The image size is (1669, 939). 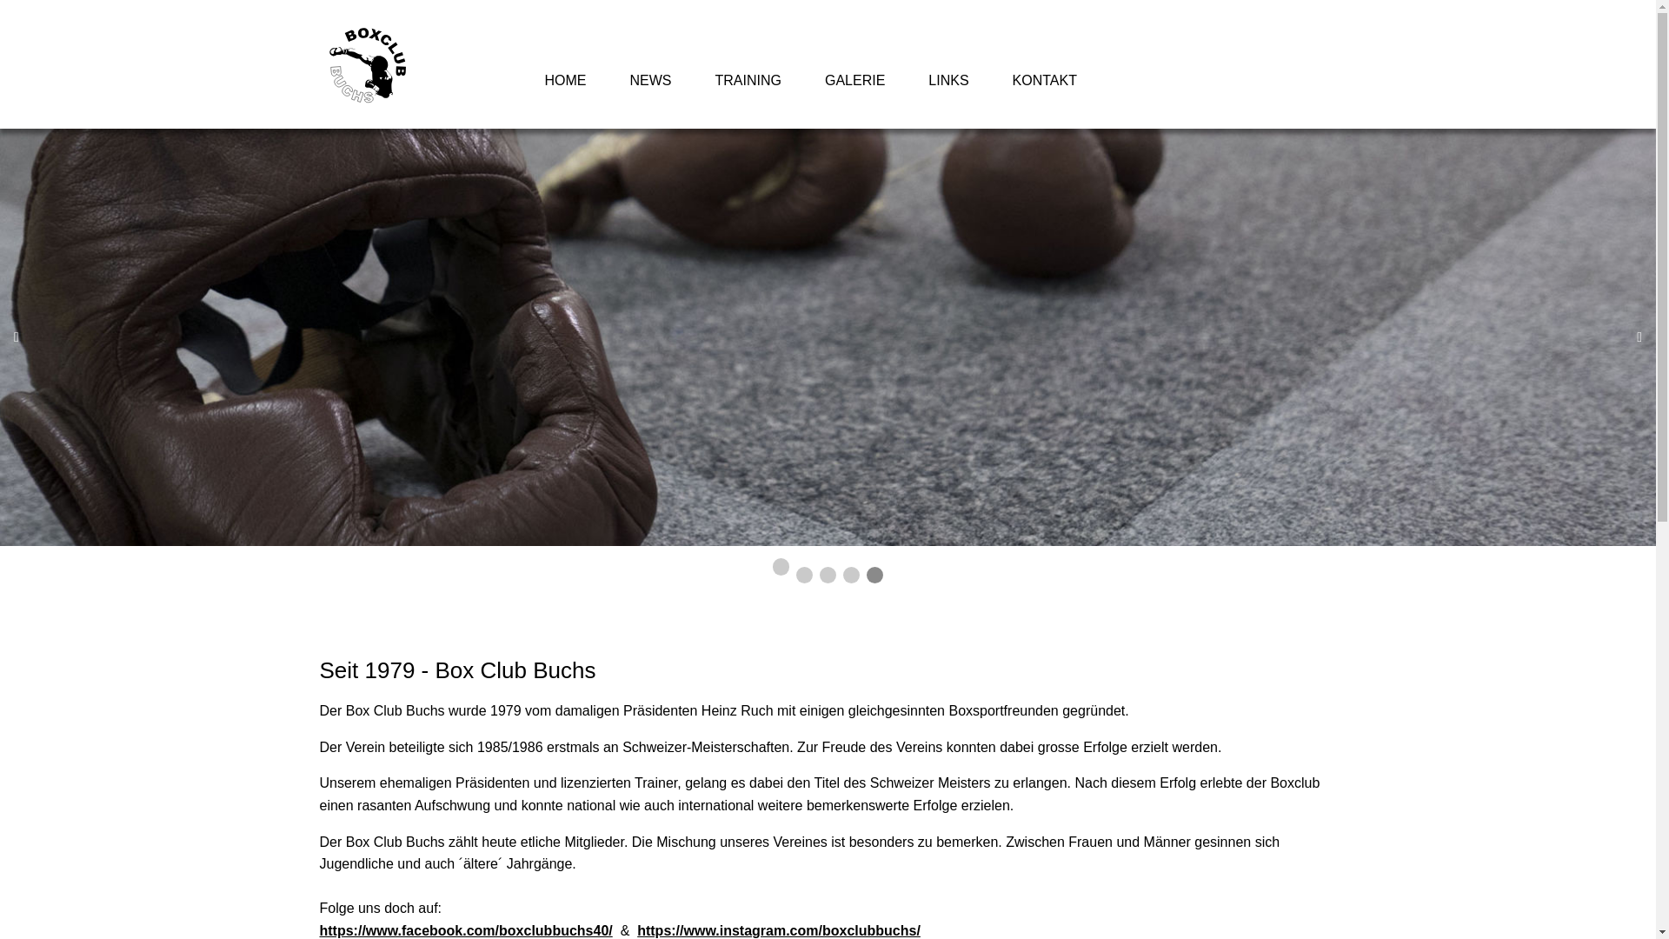 I want to click on 'GALERIE', so click(x=854, y=80).